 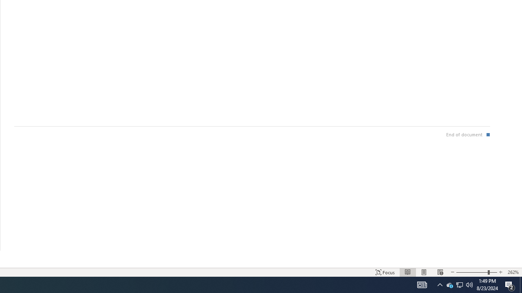 I want to click on 'Zoom In', so click(x=493, y=272).